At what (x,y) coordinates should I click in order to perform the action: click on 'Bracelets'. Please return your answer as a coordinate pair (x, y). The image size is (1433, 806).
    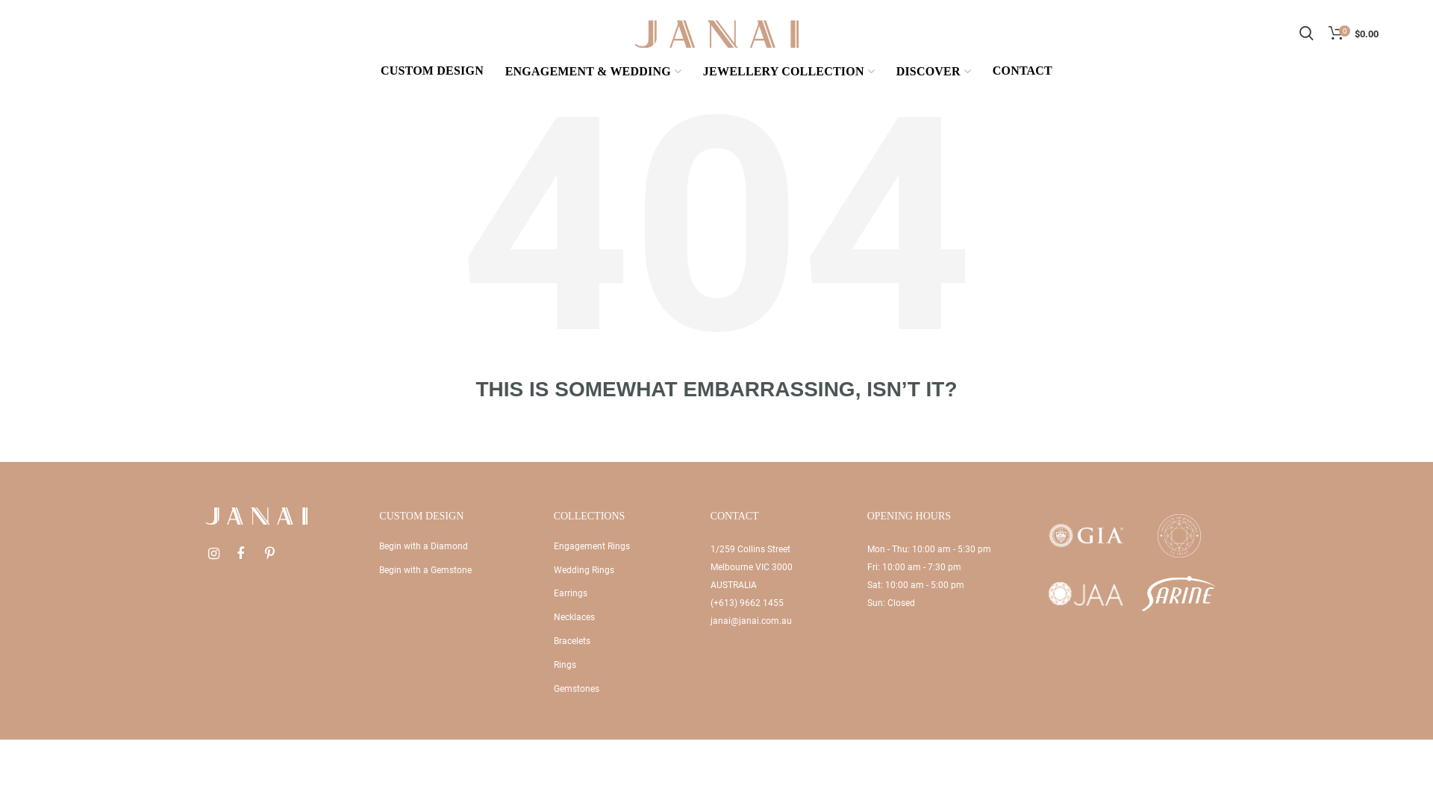
    Looking at the image, I should click on (571, 640).